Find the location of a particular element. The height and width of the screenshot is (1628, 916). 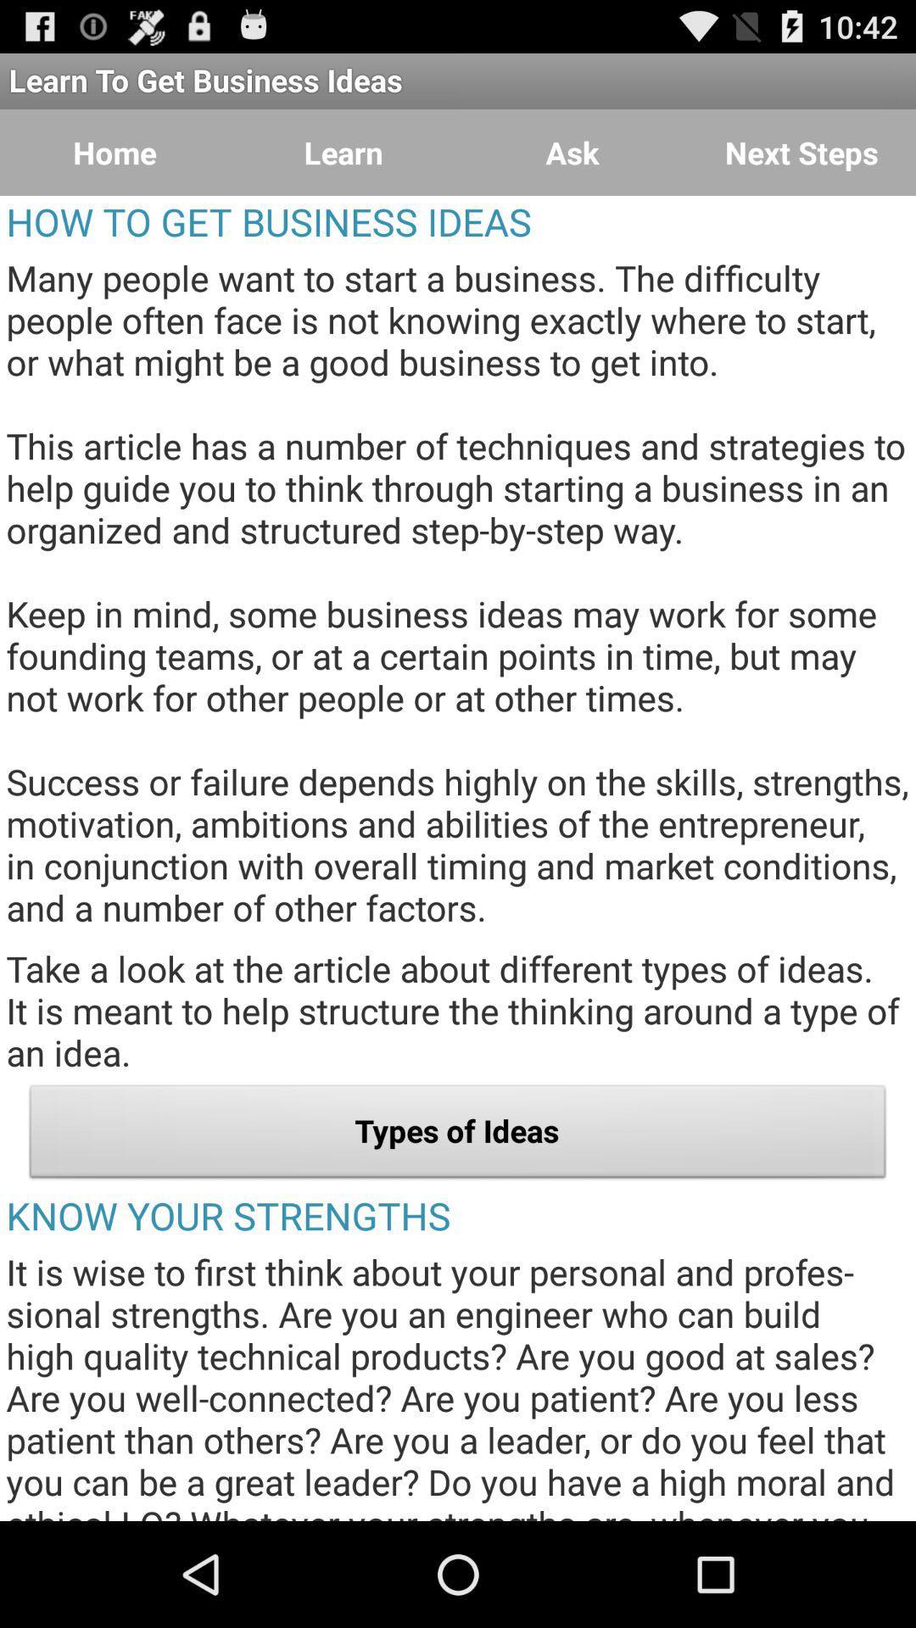

ask button is located at coordinates (572, 153).